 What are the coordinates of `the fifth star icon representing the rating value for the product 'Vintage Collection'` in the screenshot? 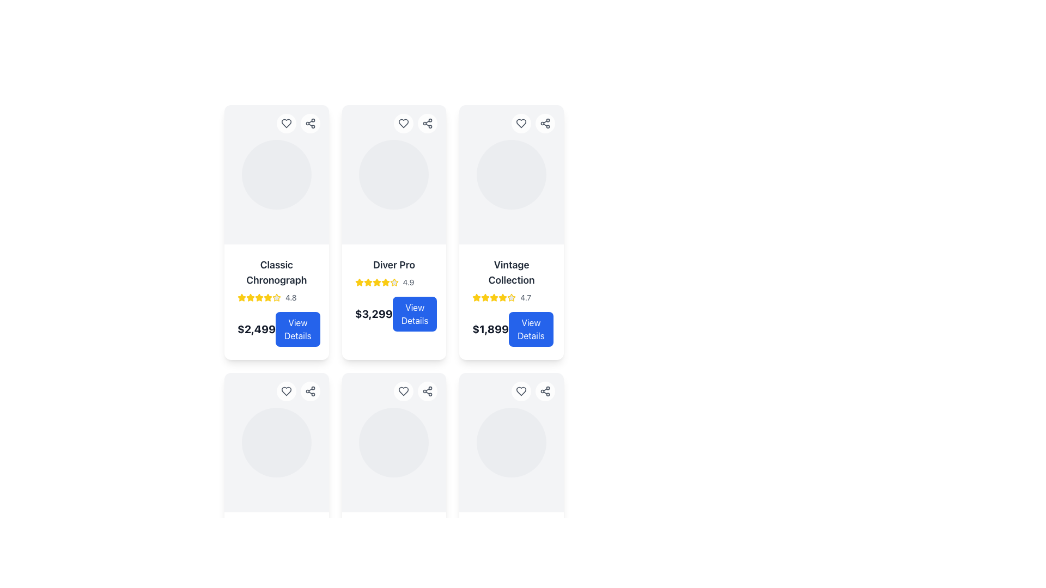 It's located at (494, 298).